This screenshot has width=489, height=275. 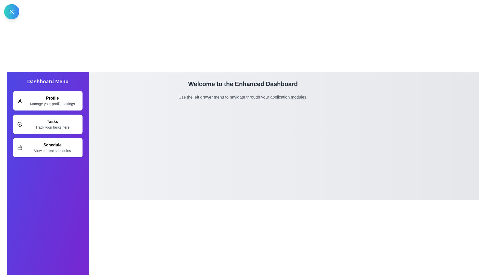 I want to click on the Profile list item in the drawer to navigate or trigger its functionality, so click(x=48, y=101).